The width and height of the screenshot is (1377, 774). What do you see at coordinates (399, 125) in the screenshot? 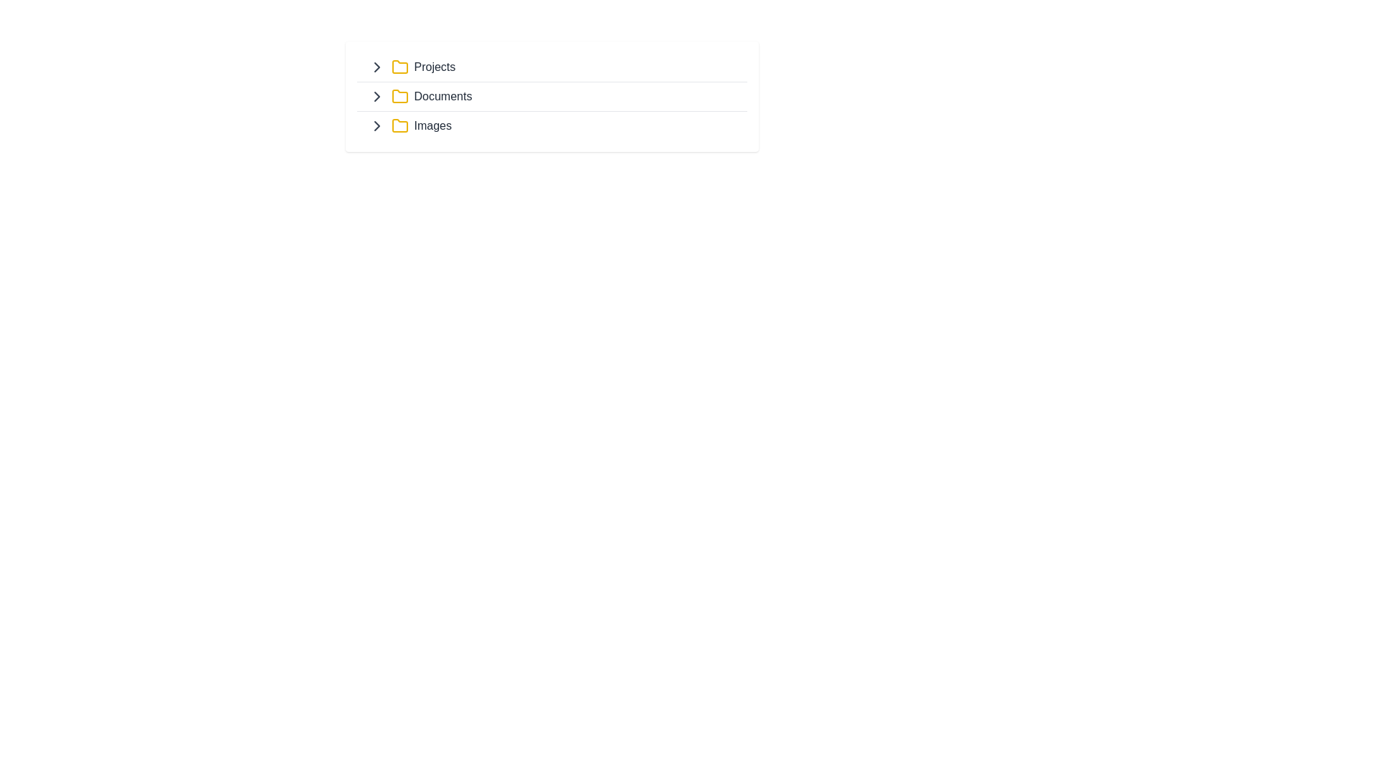
I see `the folder icon labeled 'Images', which is the third icon in a vertical list, located next to the text 'Images' and preceded by a chevron arrow` at bounding box center [399, 125].